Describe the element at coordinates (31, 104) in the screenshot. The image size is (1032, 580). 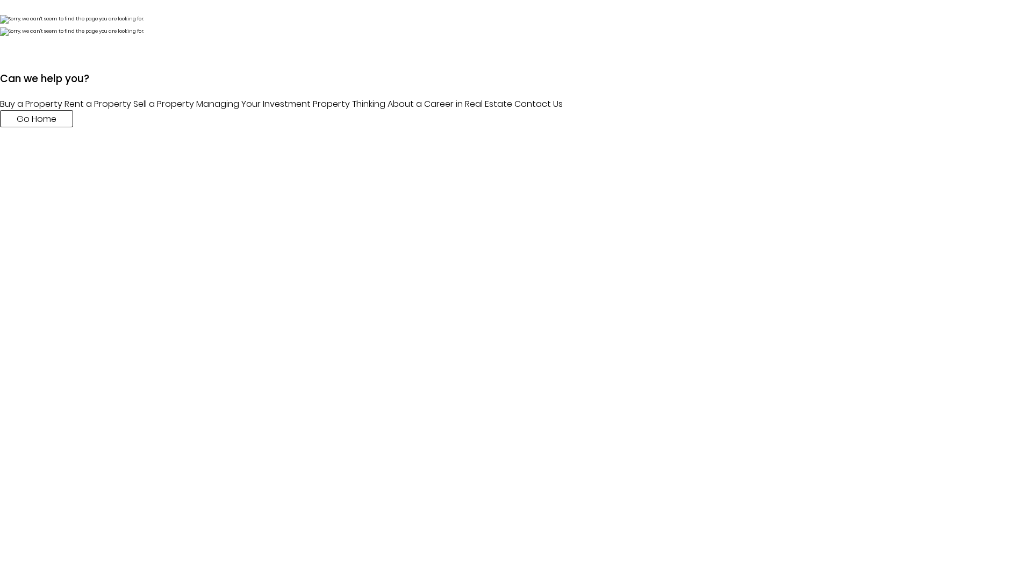
I see `'Buy a Property'` at that location.